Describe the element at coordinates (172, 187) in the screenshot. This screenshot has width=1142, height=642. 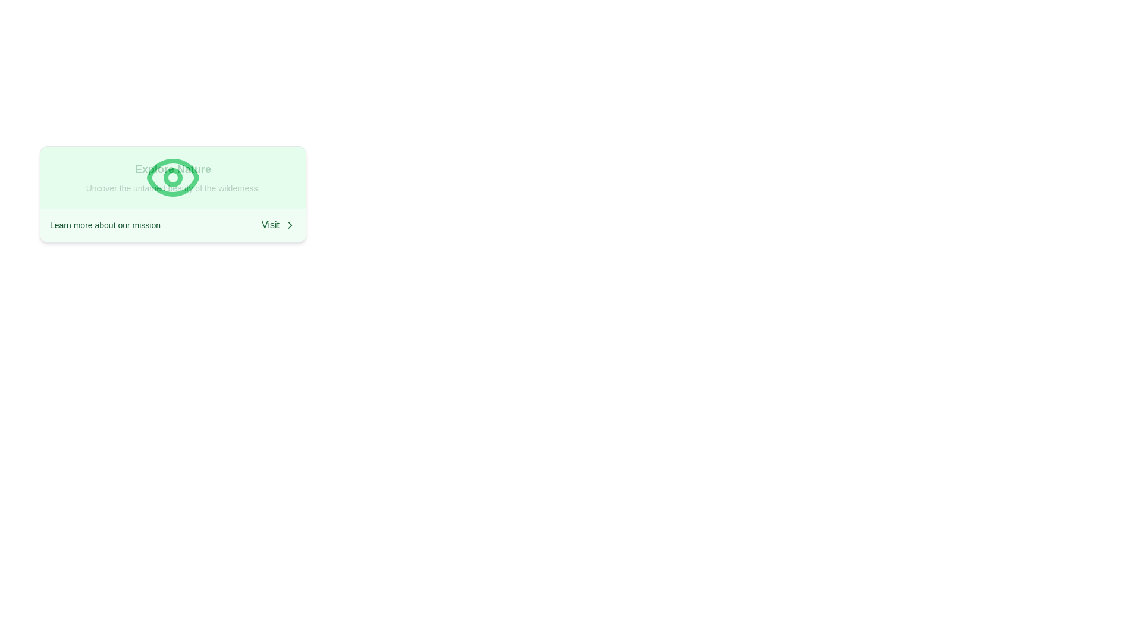
I see `the text block that contains the phrase 'Uncover the untamed beauty of the wilderness.' which is styled with a small font size and gray color, located below the header 'Explore Nature'` at that location.